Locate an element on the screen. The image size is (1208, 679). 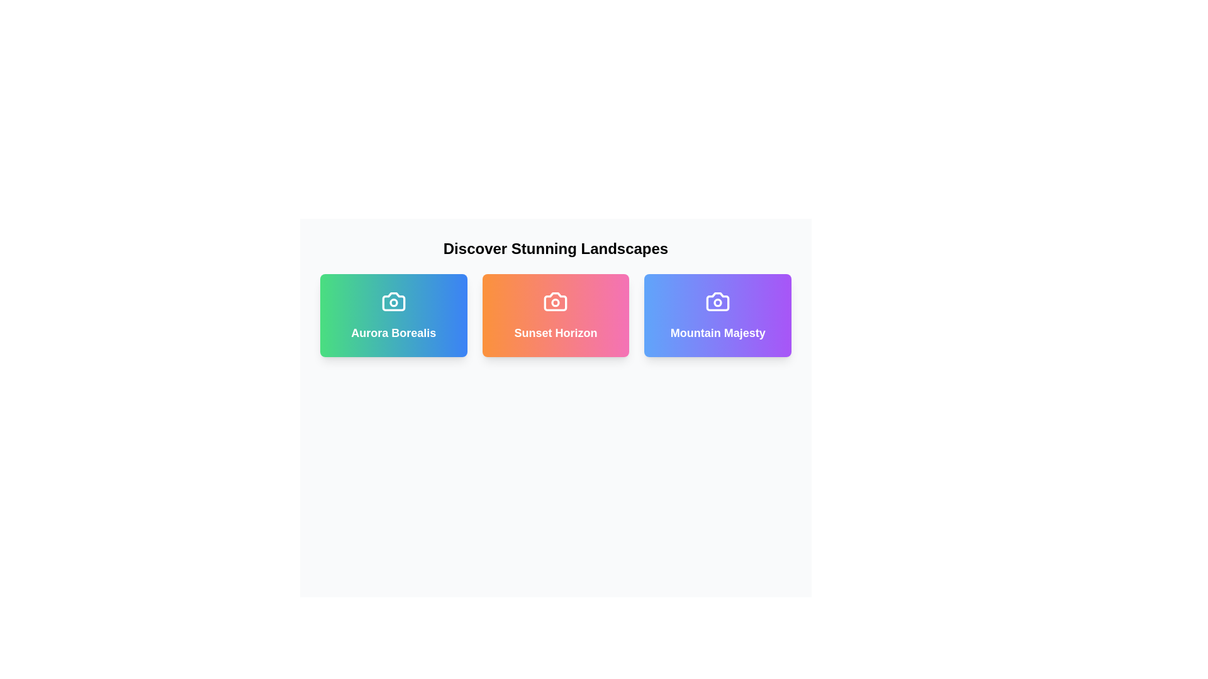
heading text that introduces or highlights the thematic content, positioned above the elements 'Aurora Borealis', 'Sunset Horizon', and 'Mountain Majesty' is located at coordinates (555, 249).